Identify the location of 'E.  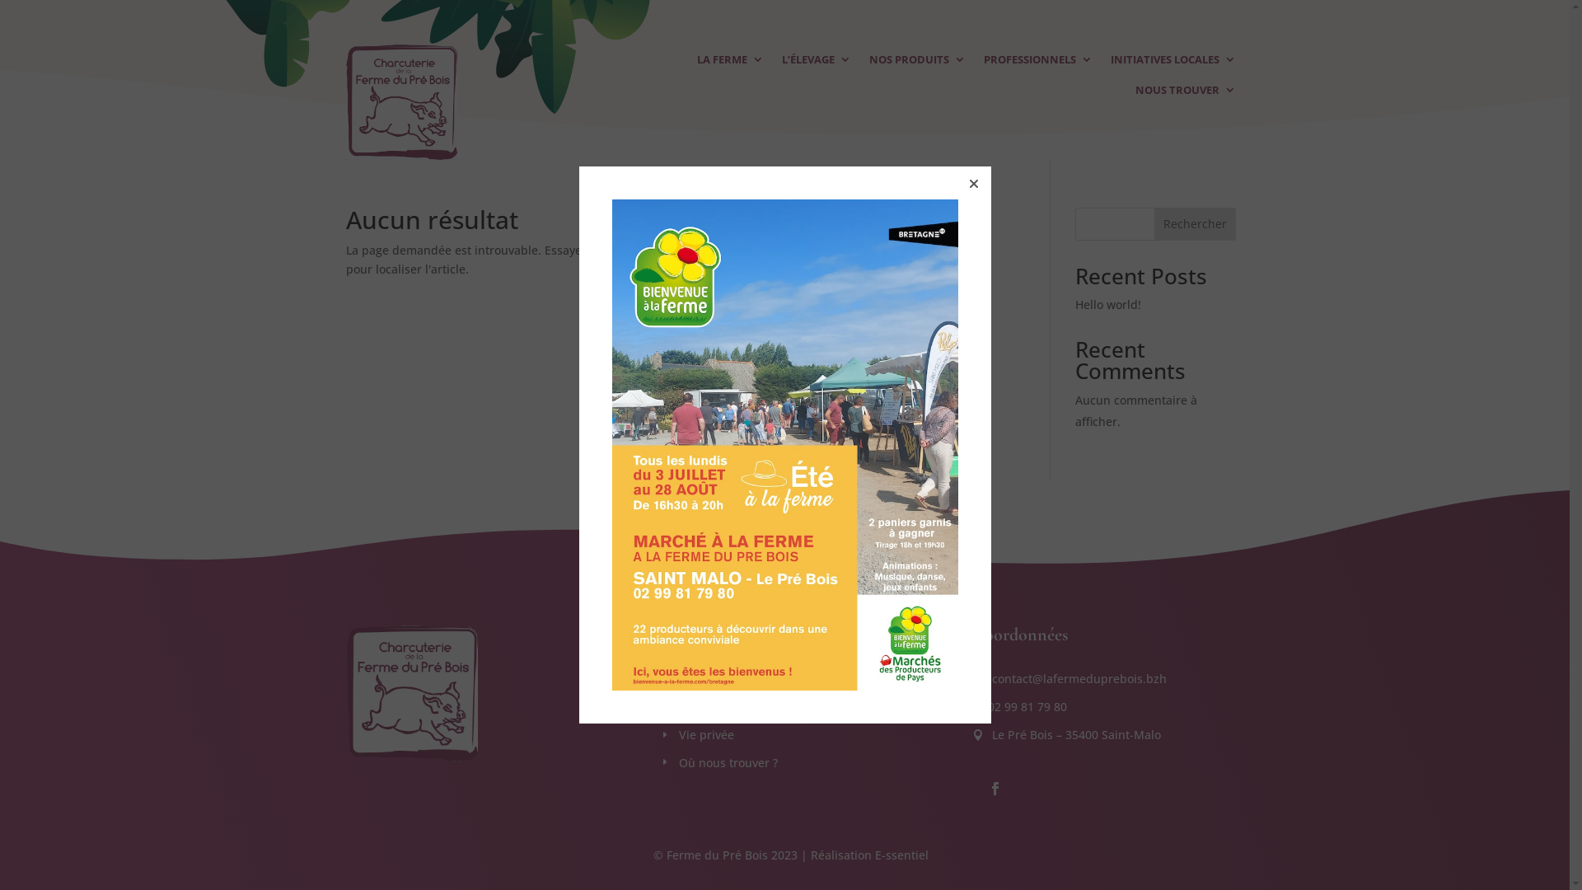
(659, 705).